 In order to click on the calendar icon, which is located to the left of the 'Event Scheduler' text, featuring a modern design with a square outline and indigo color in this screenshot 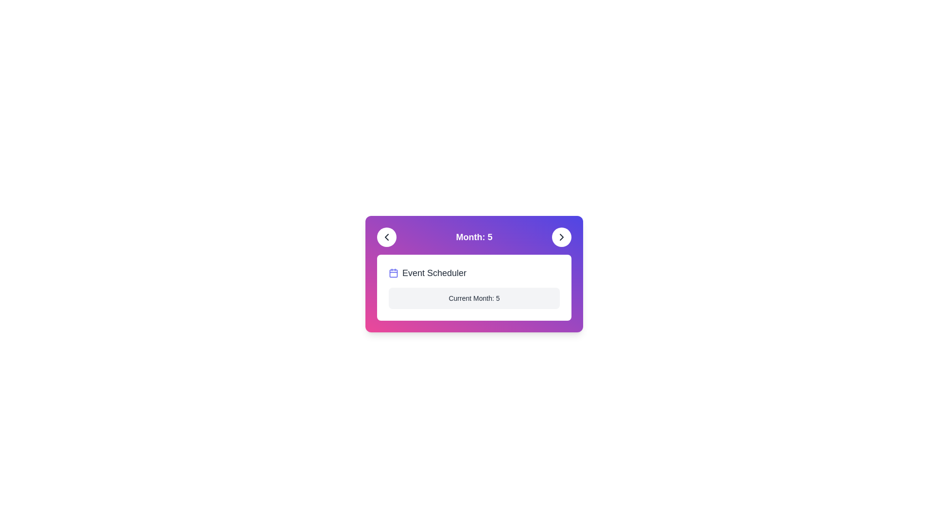, I will do `click(394, 273)`.